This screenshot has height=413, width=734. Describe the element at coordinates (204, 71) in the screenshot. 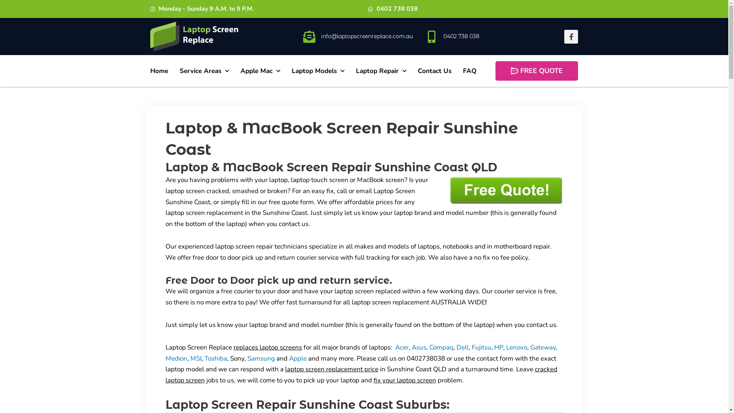

I see `'Service Areas'` at that location.